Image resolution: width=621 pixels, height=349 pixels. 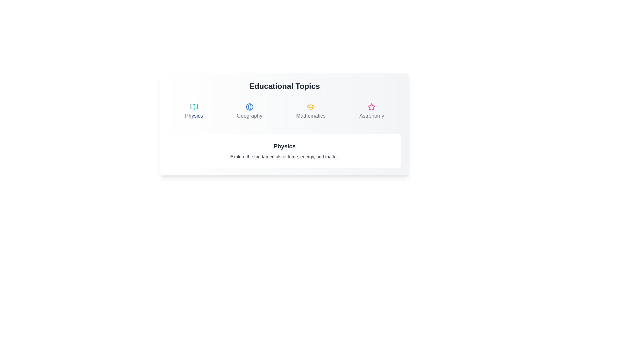 I want to click on the Astronomy tab to observe visual feedback, so click(x=372, y=111).